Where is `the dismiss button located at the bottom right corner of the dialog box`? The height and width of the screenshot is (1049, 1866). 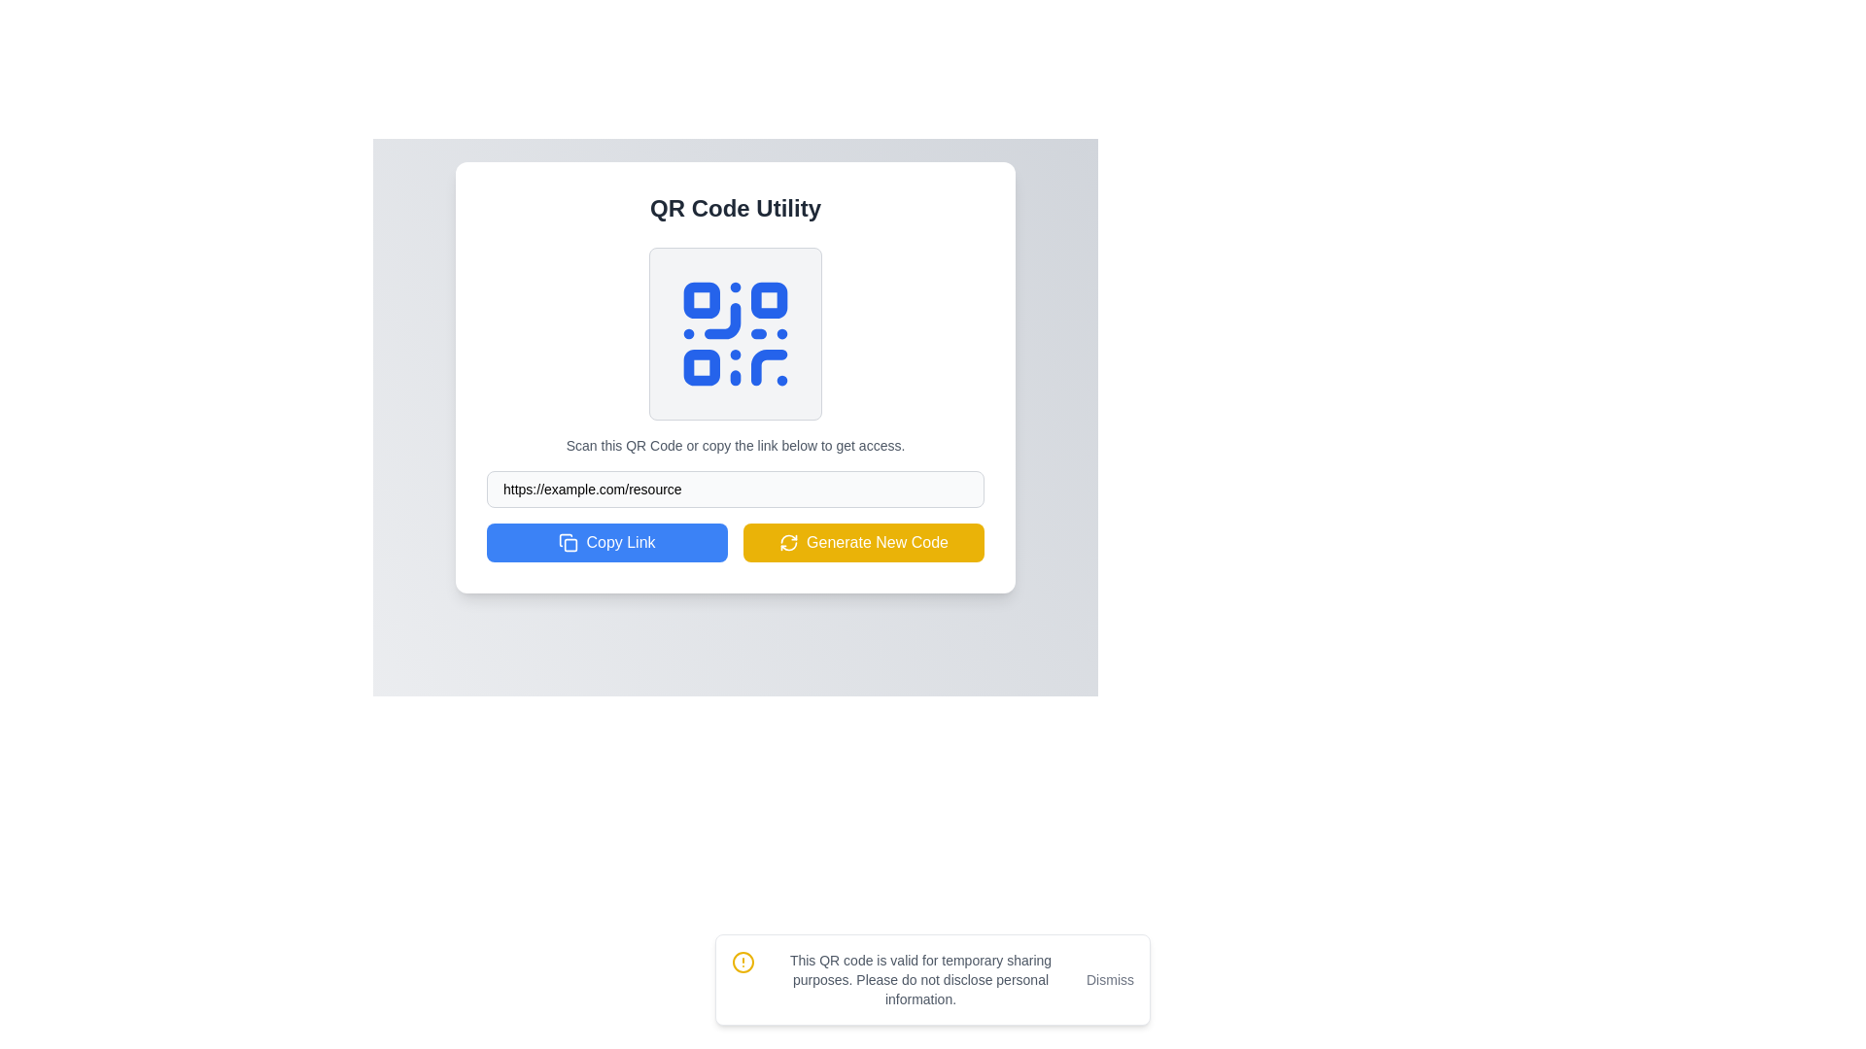
the dismiss button located at the bottom right corner of the dialog box is located at coordinates (1110, 980).